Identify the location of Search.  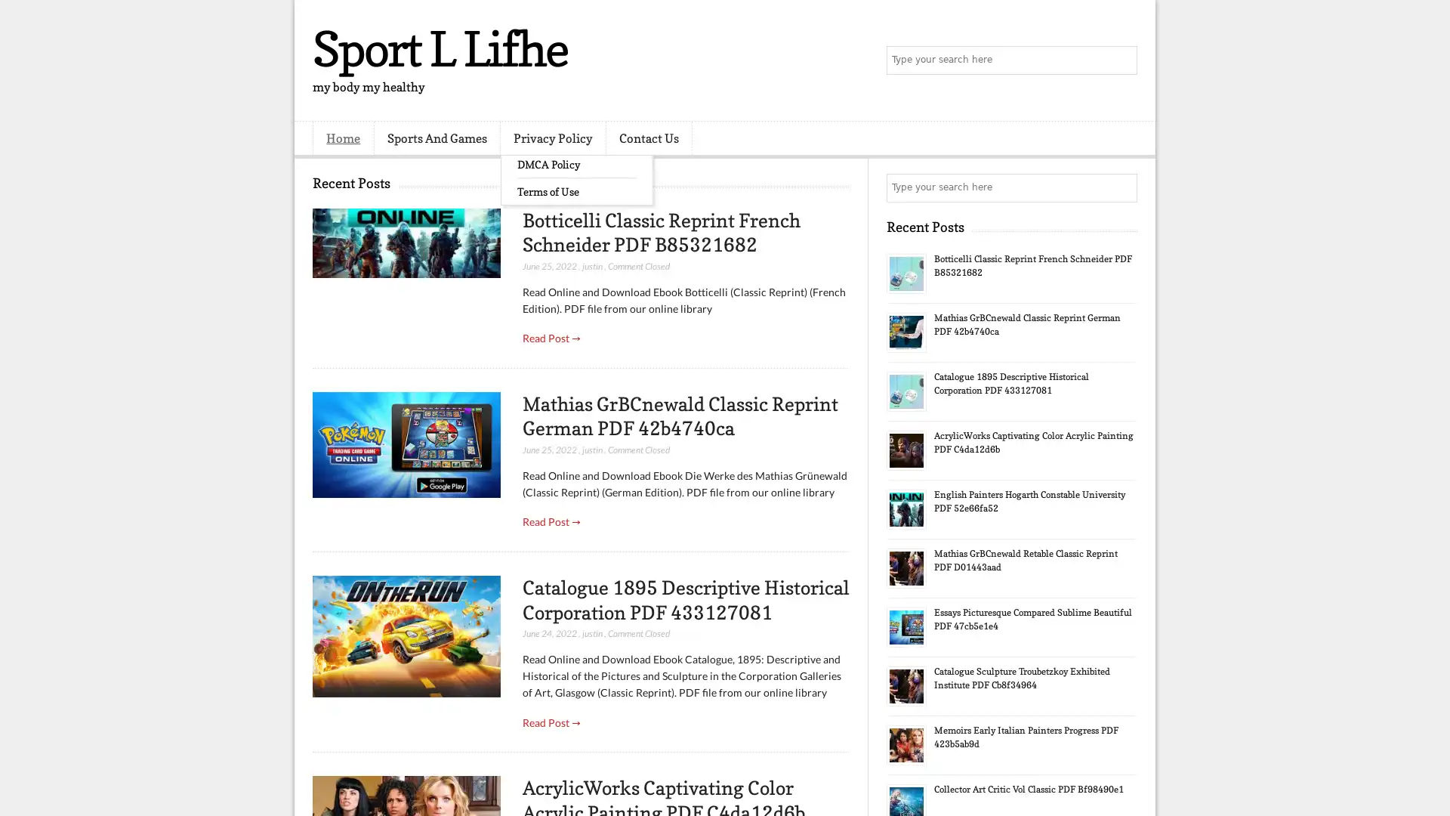
(1121, 60).